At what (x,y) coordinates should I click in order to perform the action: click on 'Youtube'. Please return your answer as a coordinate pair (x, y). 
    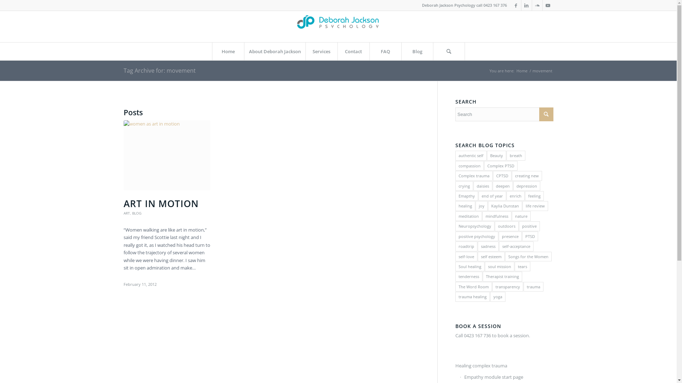
    Looking at the image, I should click on (547, 5).